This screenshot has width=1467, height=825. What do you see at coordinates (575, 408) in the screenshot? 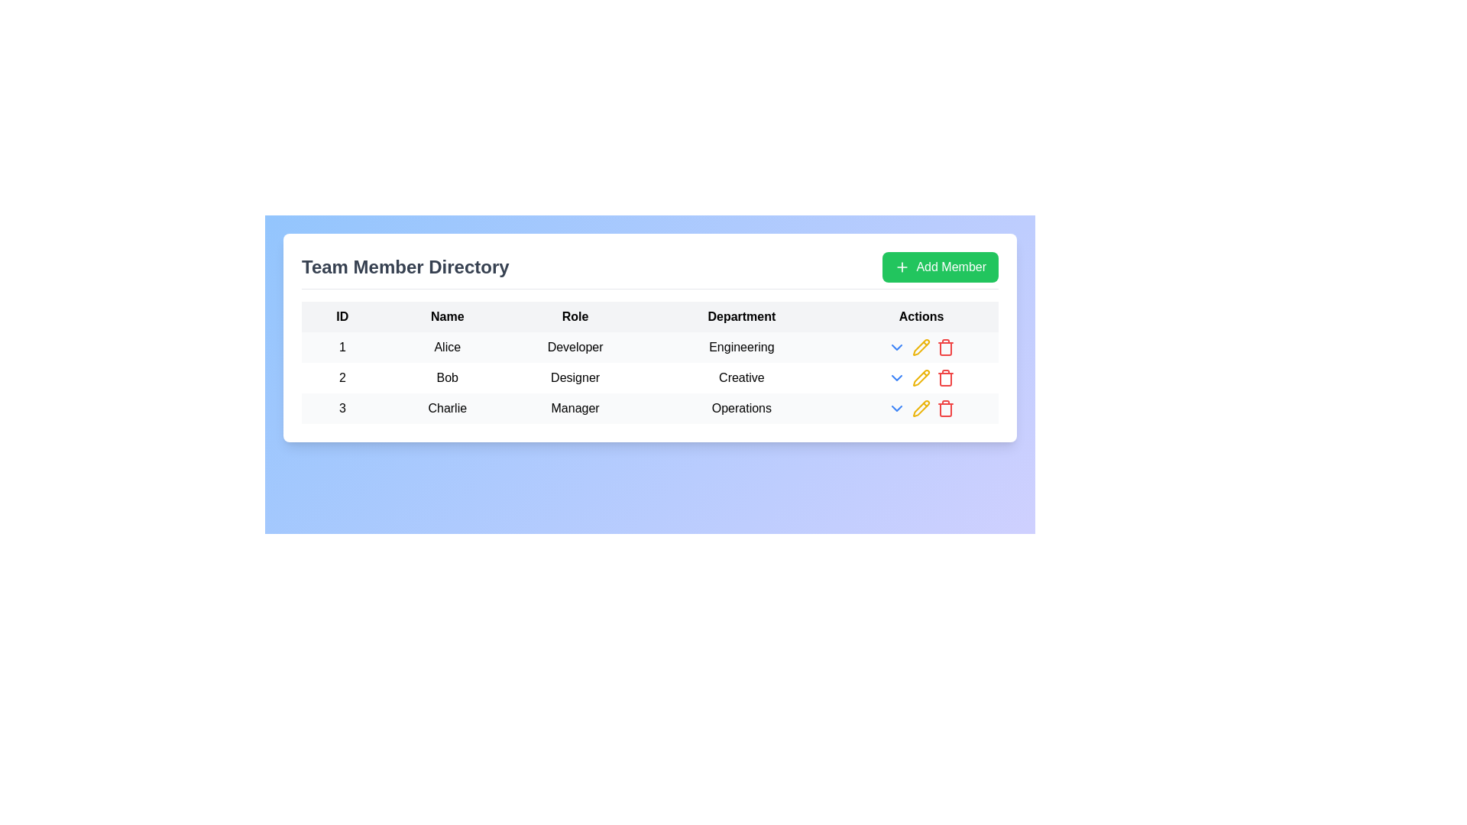
I see `the Text label displaying the job role of 'Charlie' in the third cell of the 'Role' column in the table row for entry ID '3'` at bounding box center [575, 408].